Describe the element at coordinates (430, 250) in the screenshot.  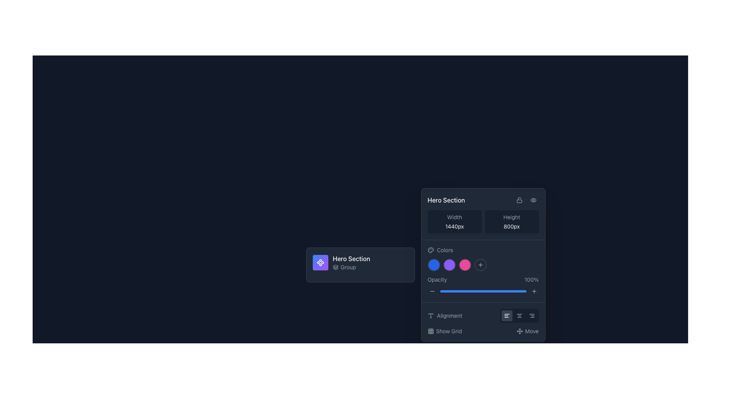
I see `the color settings palette icon located leftmost under the 'Colors' label in the 'Hero Section' settings pane` at that location.